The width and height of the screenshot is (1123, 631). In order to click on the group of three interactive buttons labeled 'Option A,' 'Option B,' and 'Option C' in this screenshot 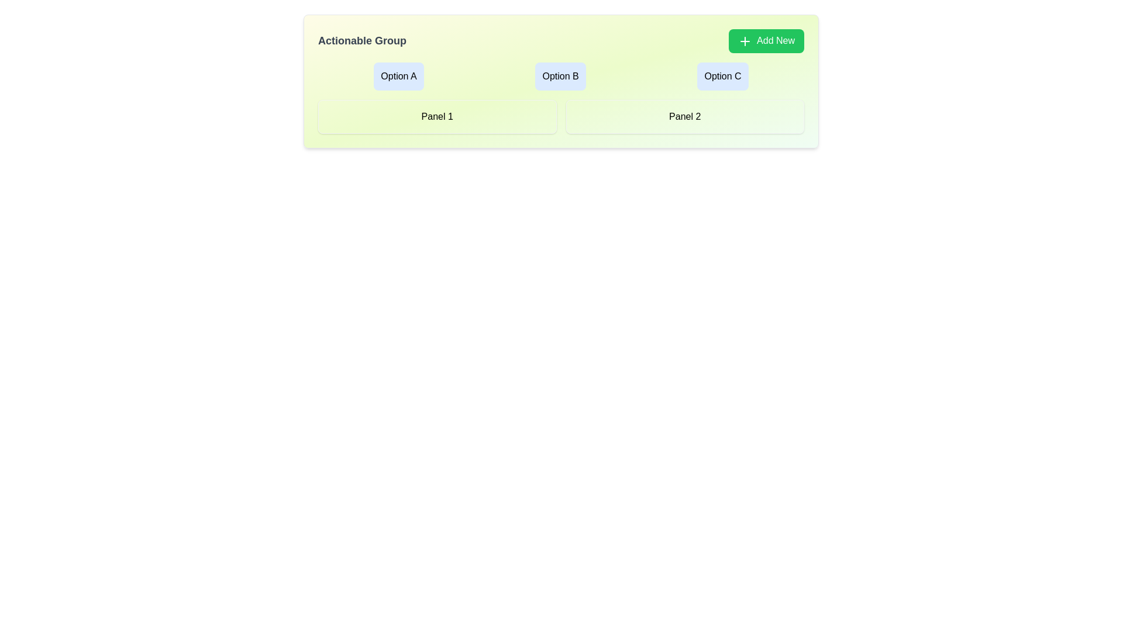, I will do `click(560, 76)`.